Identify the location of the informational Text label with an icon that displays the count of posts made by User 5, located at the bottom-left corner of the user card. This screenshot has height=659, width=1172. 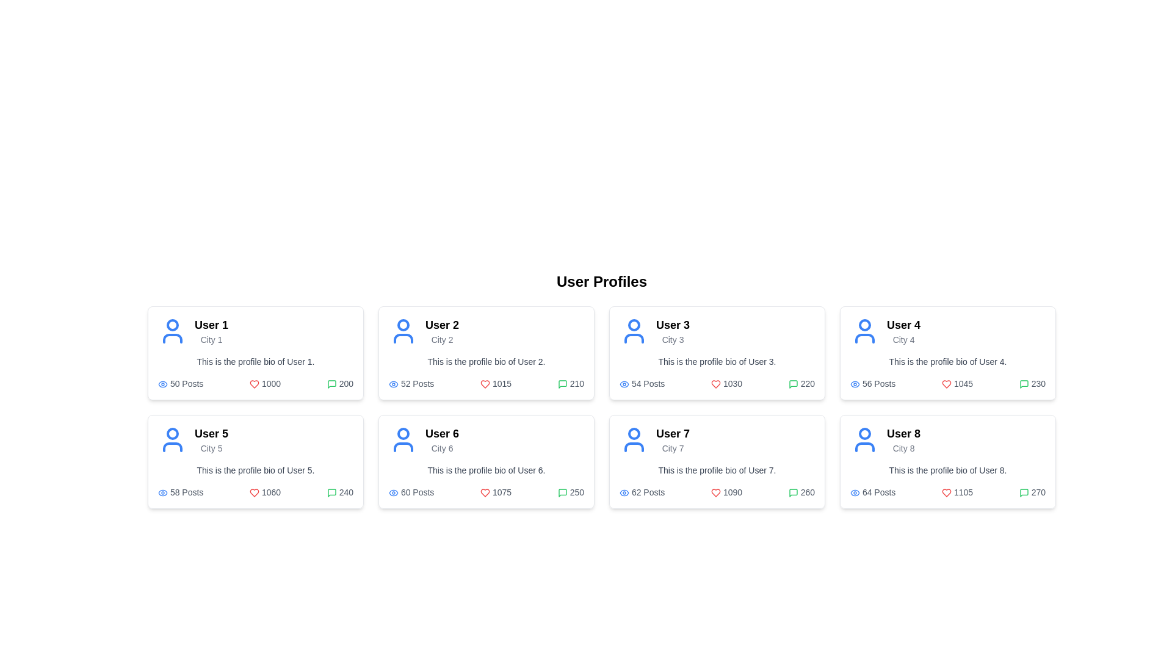
(180, 491).